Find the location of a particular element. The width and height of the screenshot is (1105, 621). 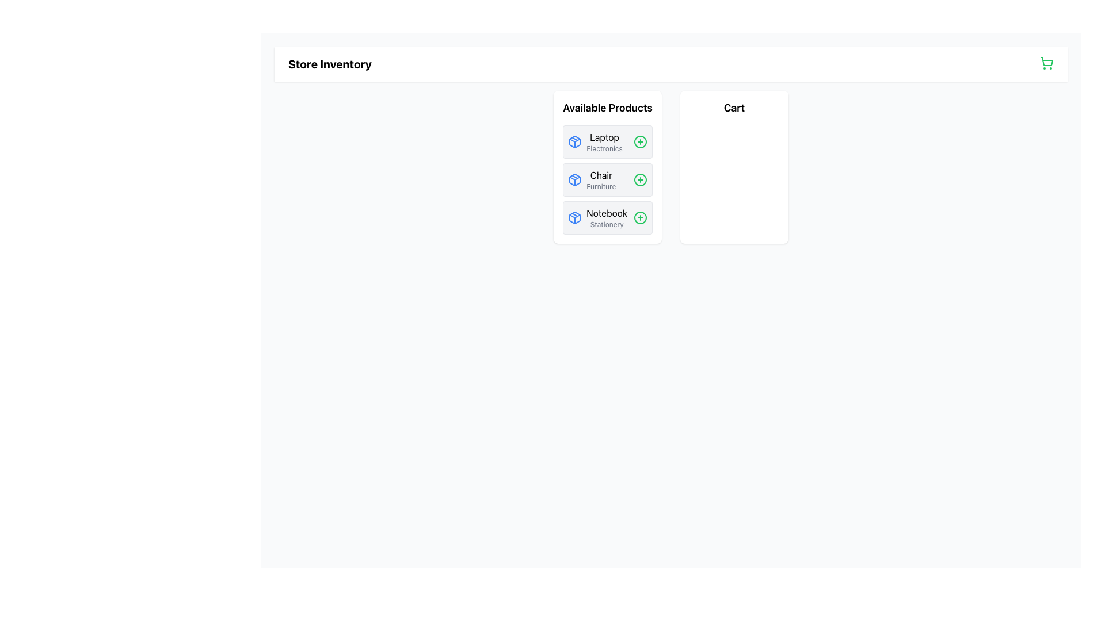

the blue package icon located to the left of 'Laptop Electronics' in the 'Available Products' section is located at coordinates (575, 141).